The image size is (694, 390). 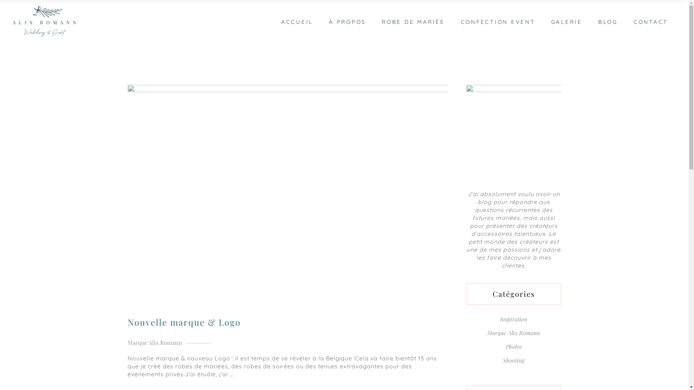 I want to click on 'CONTACT', so click(x=625, y=21).